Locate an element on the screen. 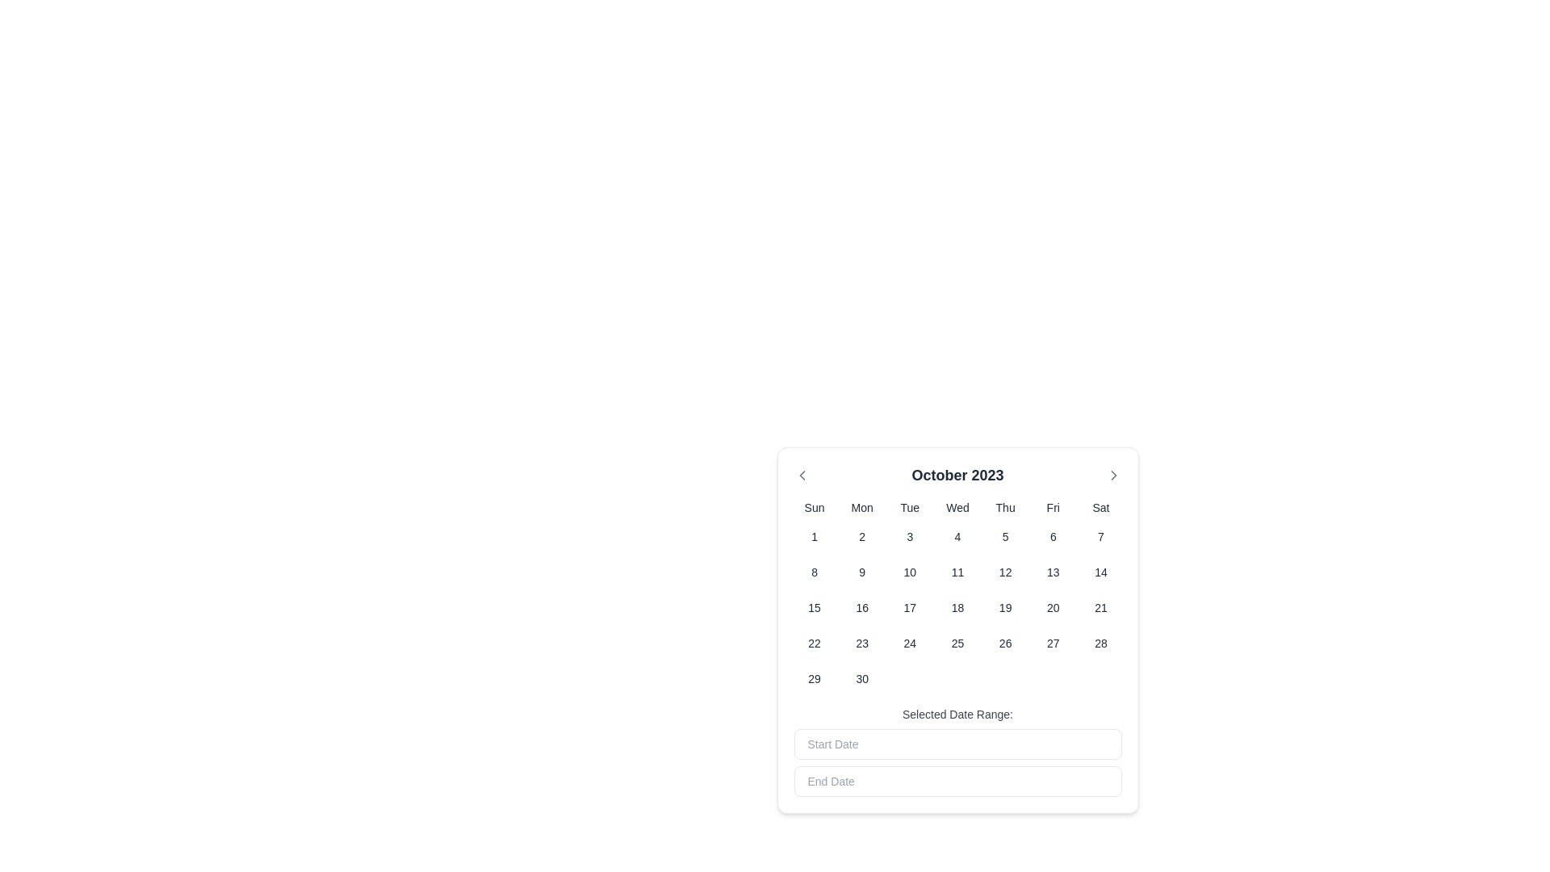  the rectangular button labeled '22' in the calendar grid is located at coordinates (815, 643).